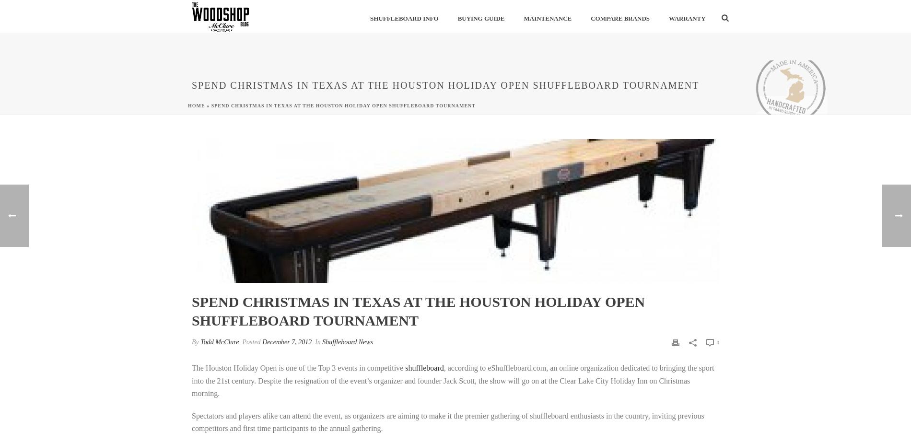 The image size is (911, 443). What do you see at coordinates (317, 342) in the screenshot?
I see `'In'` at bounding box center [317, 342].